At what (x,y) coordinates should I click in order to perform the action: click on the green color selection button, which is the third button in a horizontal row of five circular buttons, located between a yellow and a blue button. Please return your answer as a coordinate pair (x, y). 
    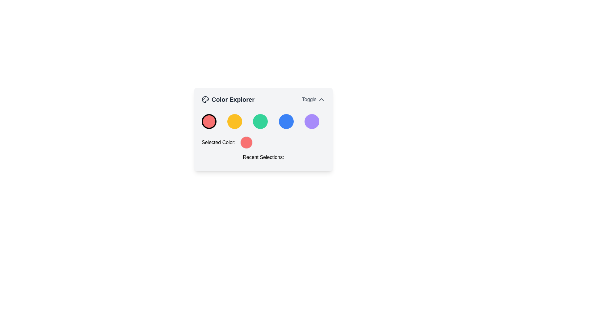
    Looking at the image, I should click on (260, 122).